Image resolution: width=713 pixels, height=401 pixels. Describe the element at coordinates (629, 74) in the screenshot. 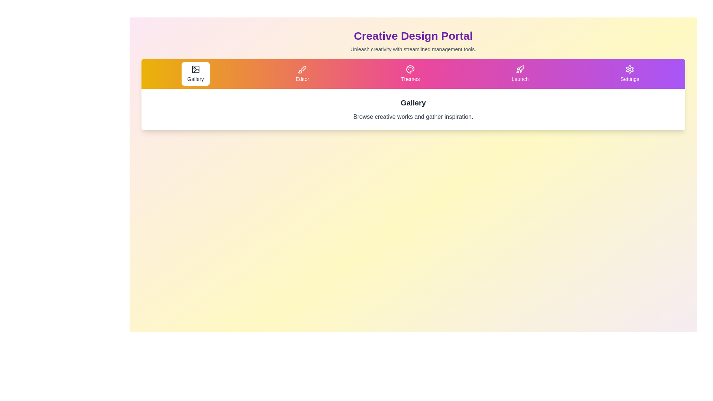

I see `the 'Settings' button, which features a gear icon above the text in a rounded rectangular purple shape, to trigger the scale animation` at that location.